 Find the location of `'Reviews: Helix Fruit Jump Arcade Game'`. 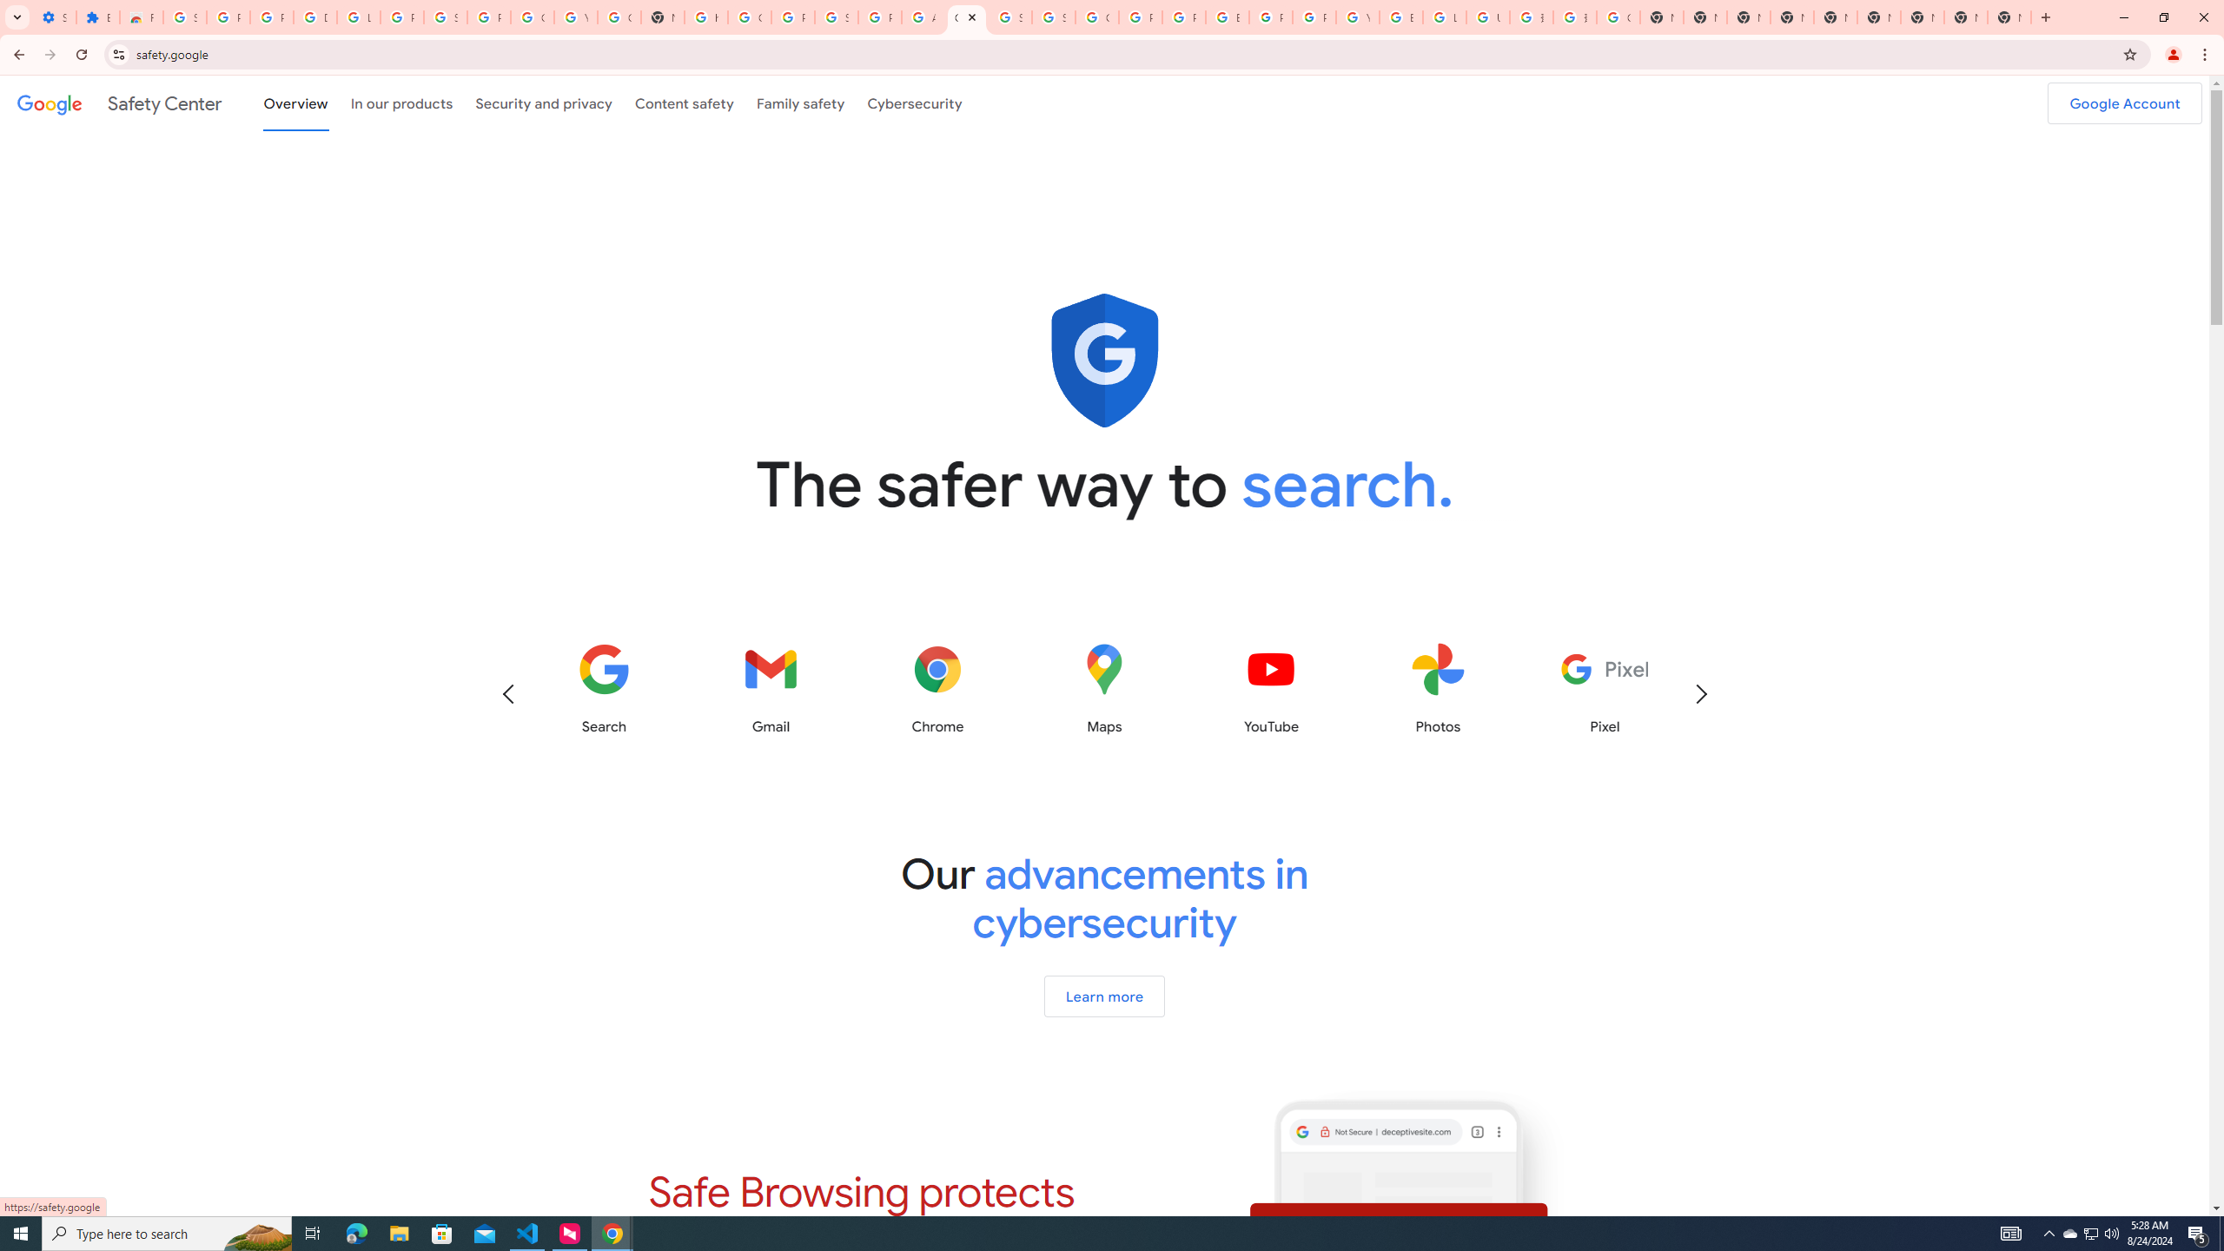

'Reviews: Helix Fruit Jump Arcade Game' is located at coordinates (141, 17).